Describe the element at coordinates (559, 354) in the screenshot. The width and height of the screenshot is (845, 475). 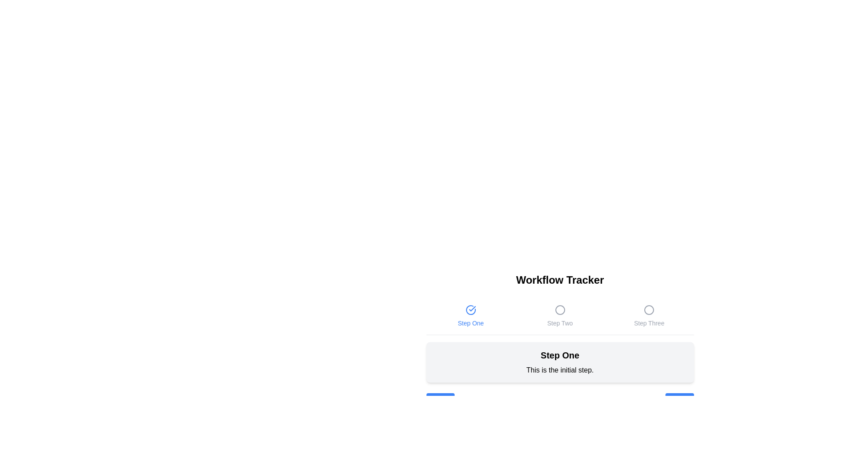
I see `the medium-sized, bold-styled text label reading 'Step One' located at the top part of a rounded, light-gray box` at that location.